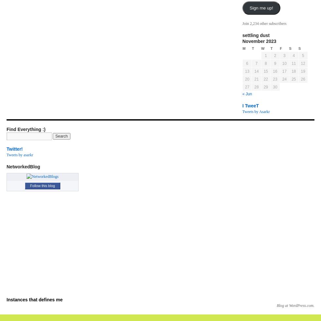 The width and height of the screenshot is (321, 321). I want to click on '21', so click(256, 79).